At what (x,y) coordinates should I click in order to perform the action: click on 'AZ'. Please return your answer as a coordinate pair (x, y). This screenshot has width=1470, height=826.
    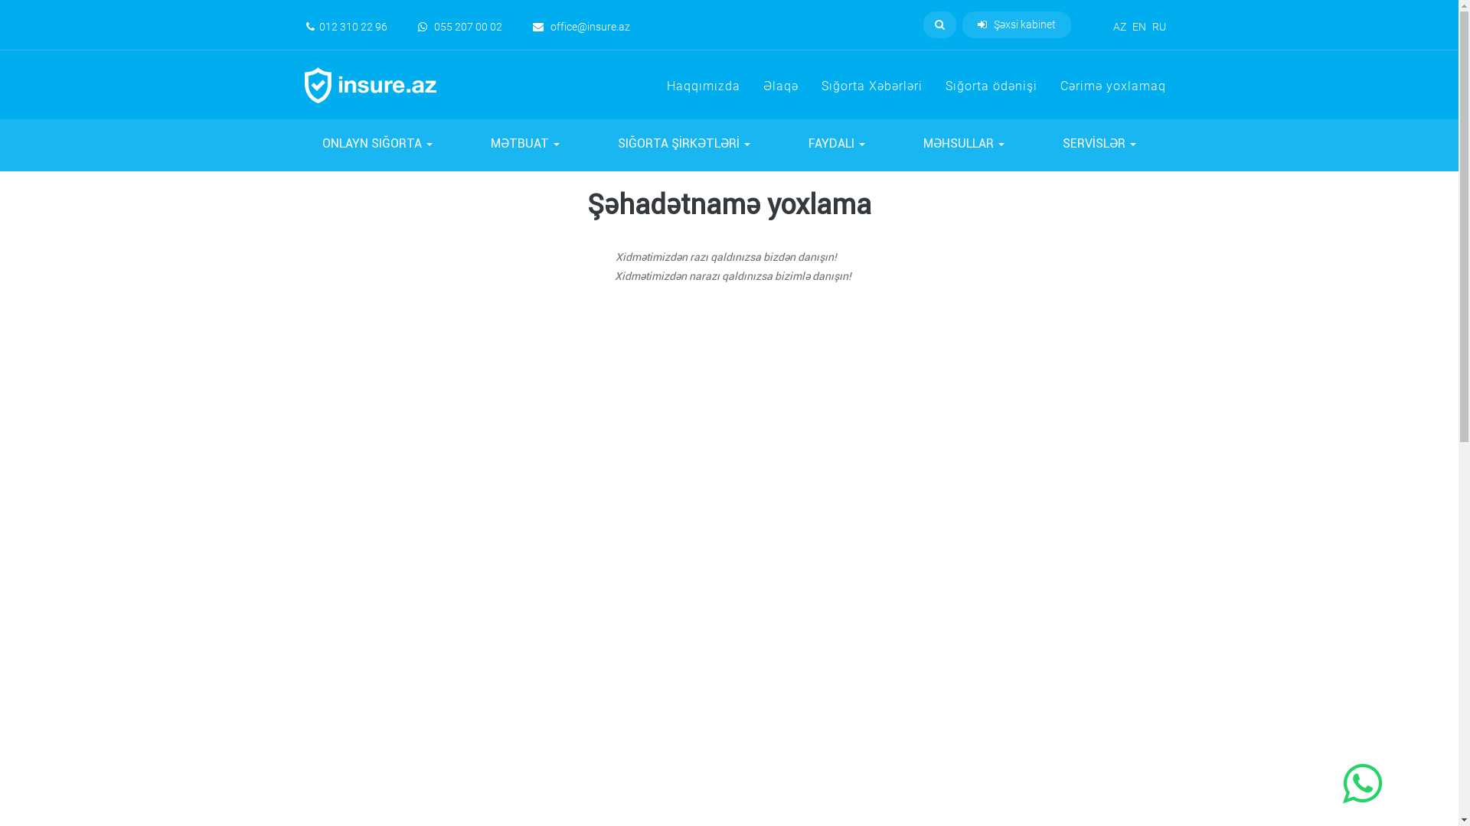
    Looking at the image, I should click on (1119, 26).